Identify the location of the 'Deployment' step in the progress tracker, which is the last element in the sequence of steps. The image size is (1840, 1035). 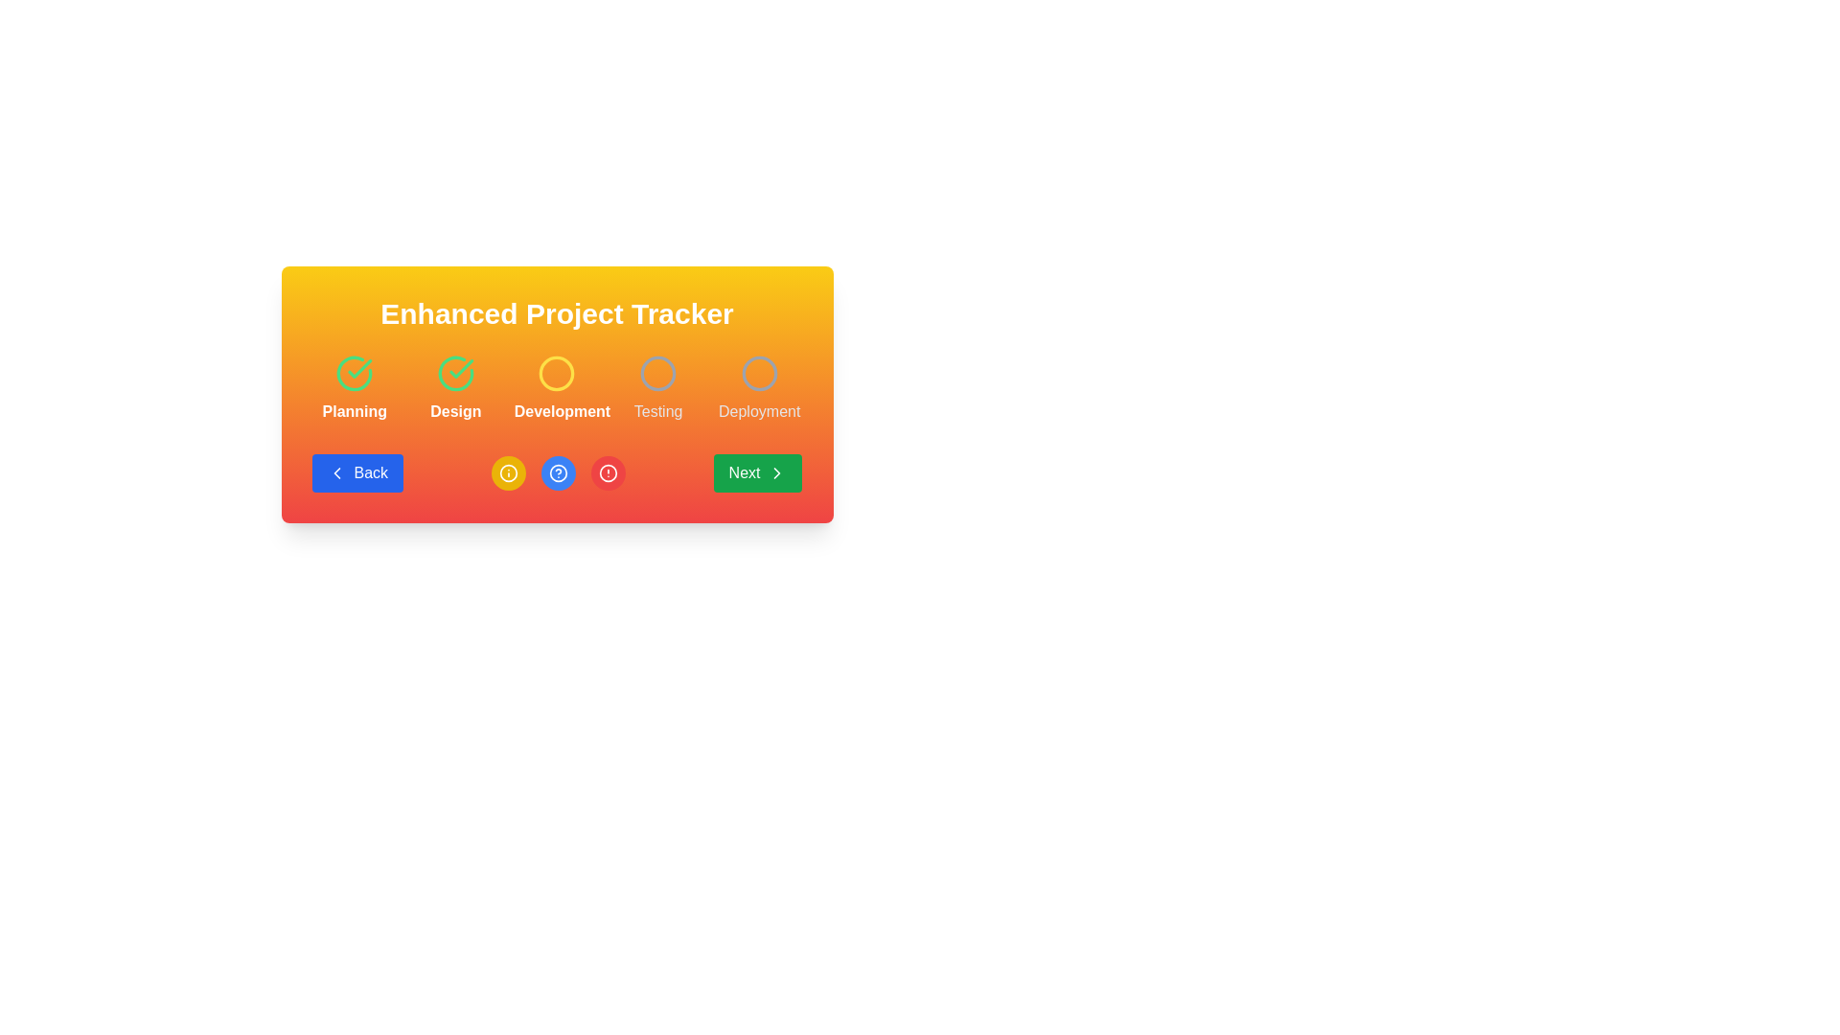
(758, 388).